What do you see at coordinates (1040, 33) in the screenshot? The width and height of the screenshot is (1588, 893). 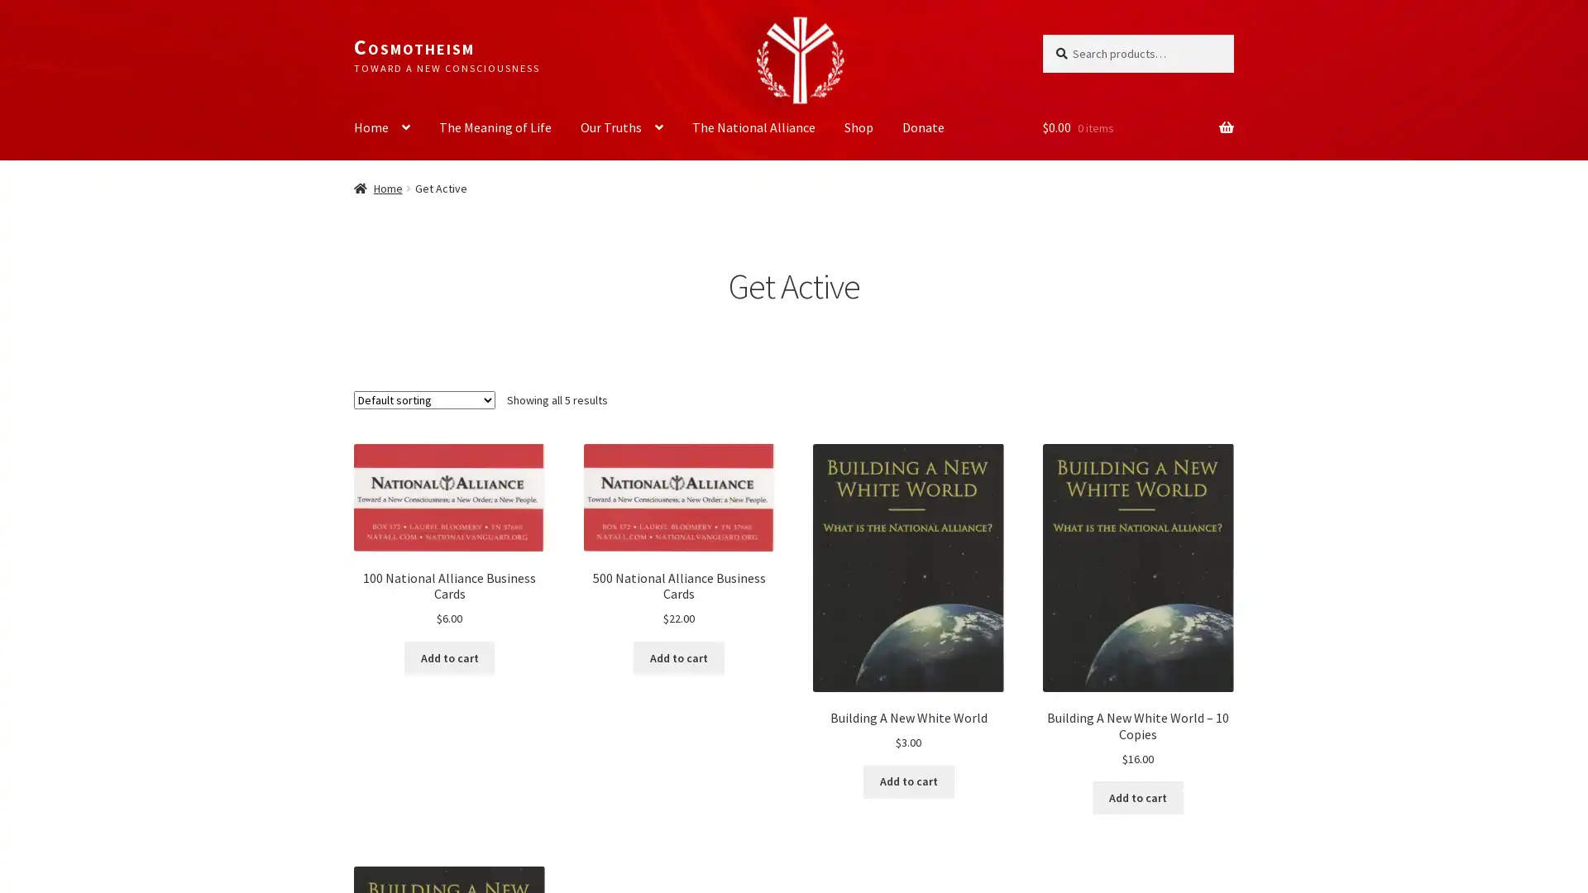 I see `Search` at bounding box center [1040, 33].